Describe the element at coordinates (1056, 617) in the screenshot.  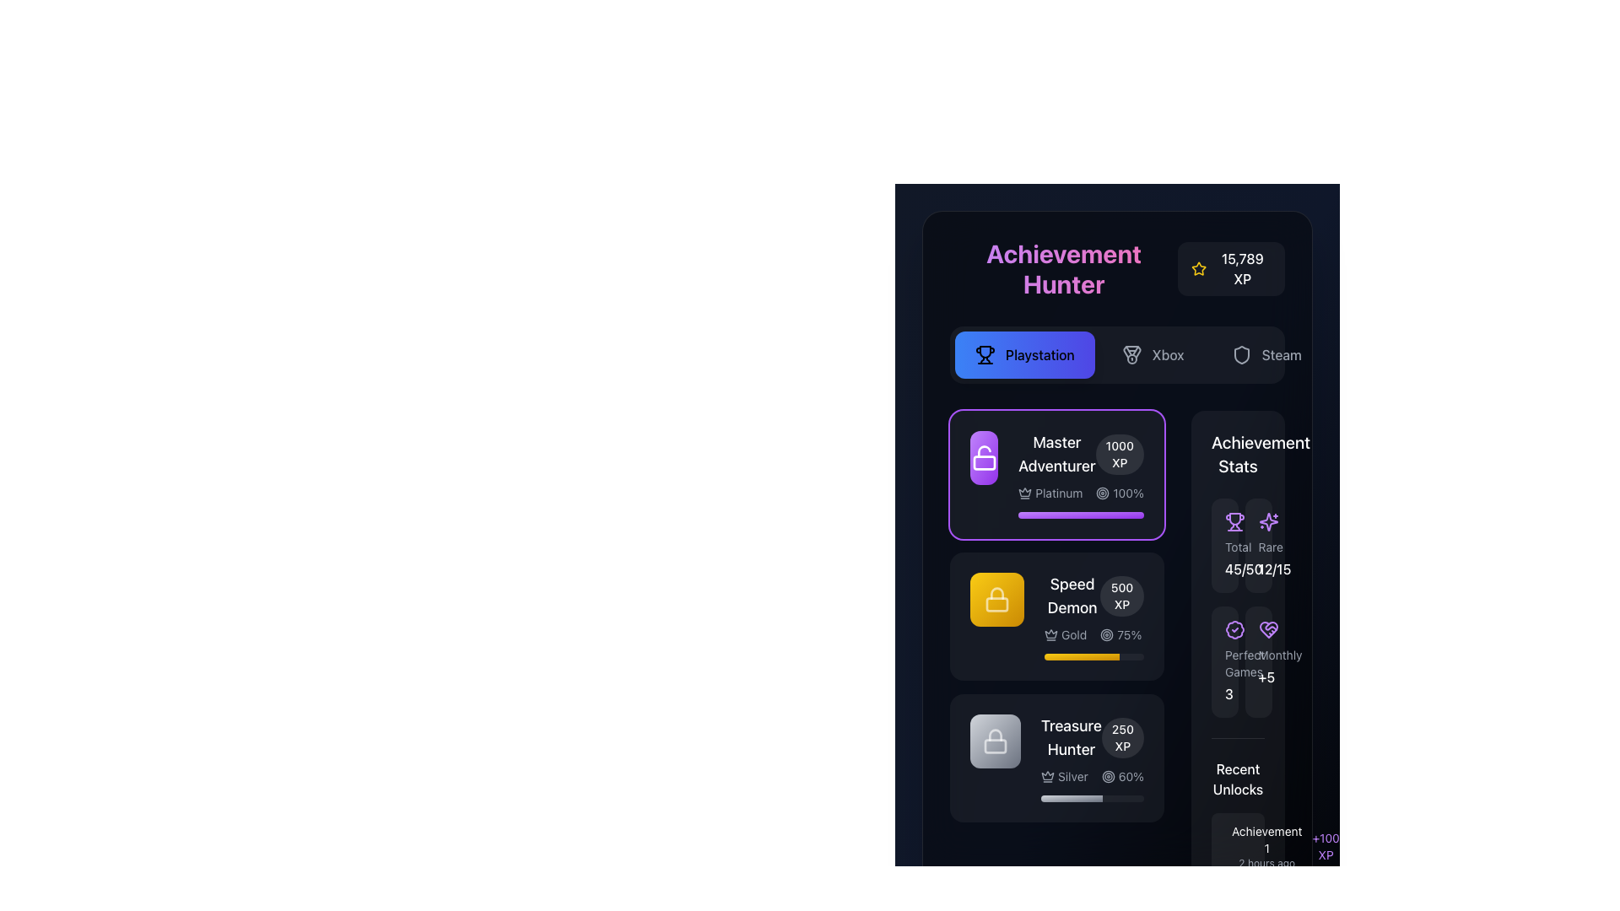
I see `the second Achievement card module located in the middle-right part of the list` at that location.